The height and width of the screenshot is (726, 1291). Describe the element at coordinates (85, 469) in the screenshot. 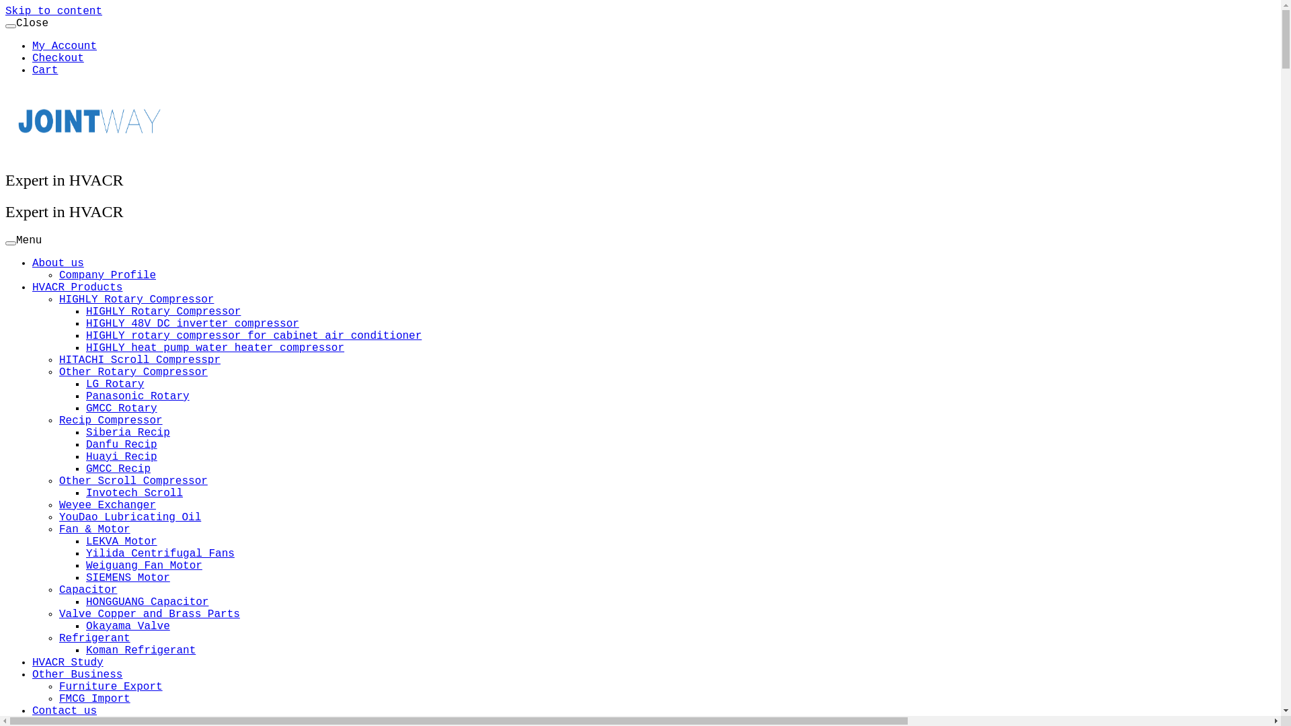

I see `'GMCC Recip'` at that location.